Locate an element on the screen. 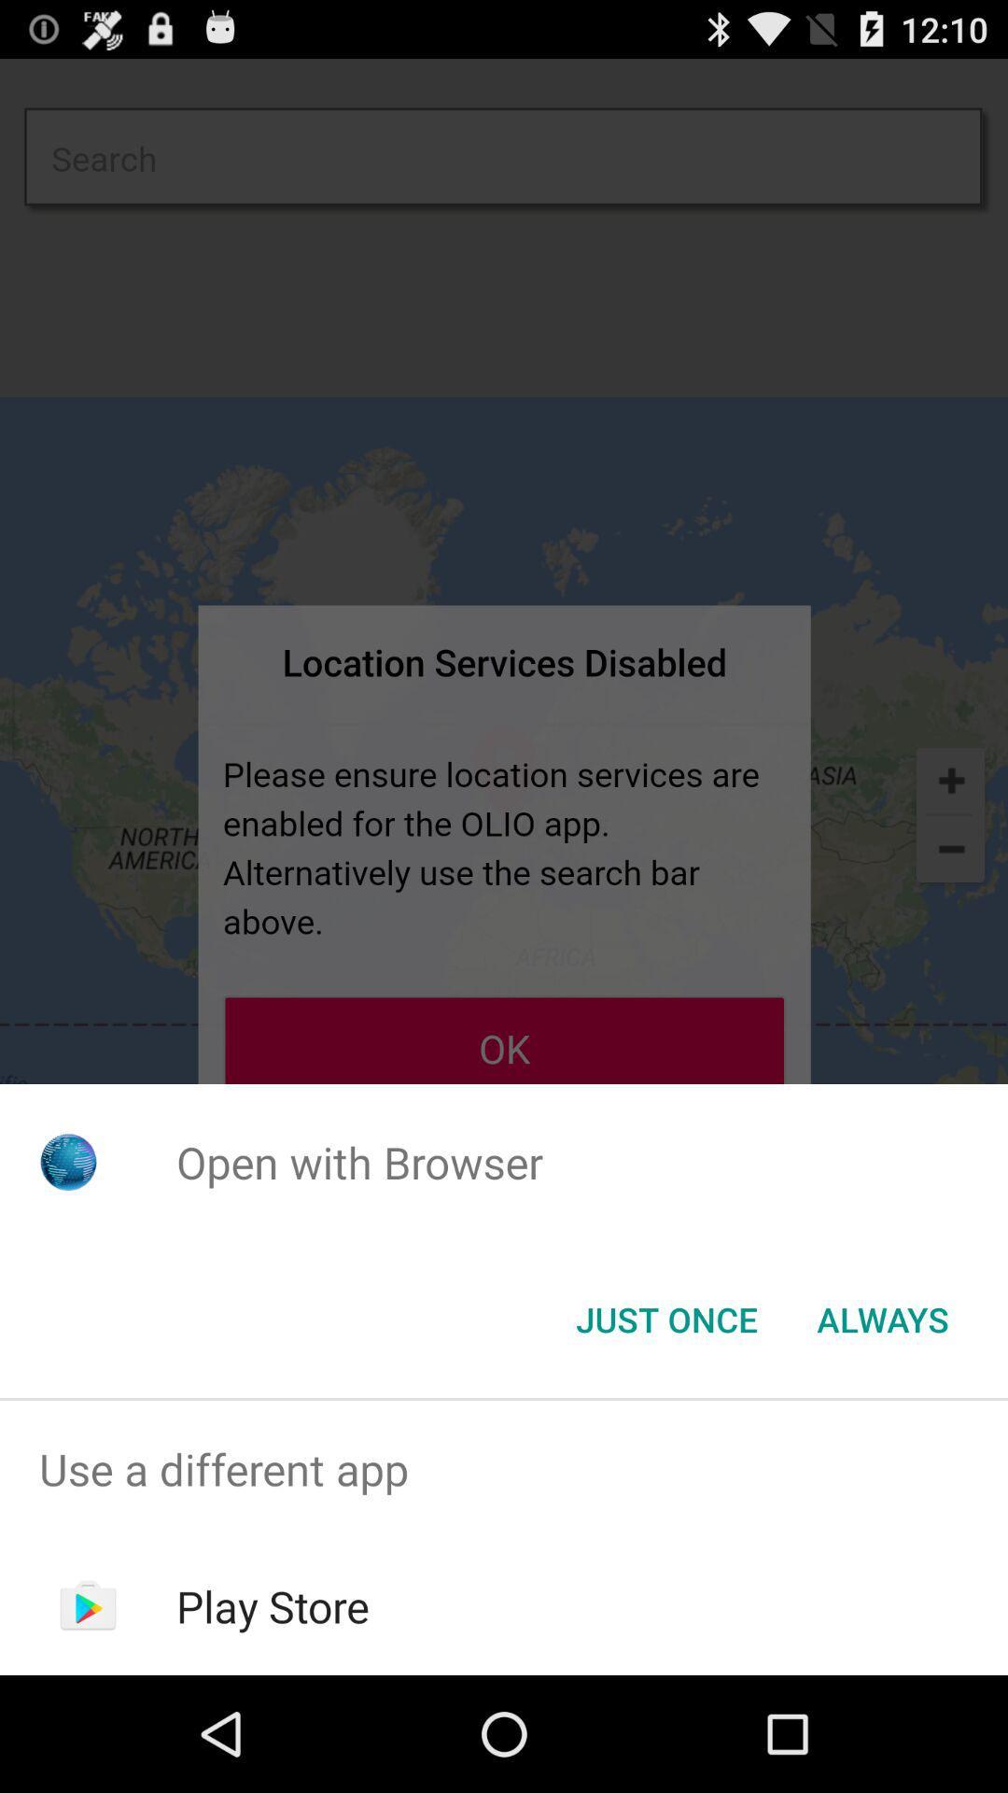 Image resolution: width=1008 pixels, height=1793 pixels. icon next to always icon is located at coordinates (665, 1318).